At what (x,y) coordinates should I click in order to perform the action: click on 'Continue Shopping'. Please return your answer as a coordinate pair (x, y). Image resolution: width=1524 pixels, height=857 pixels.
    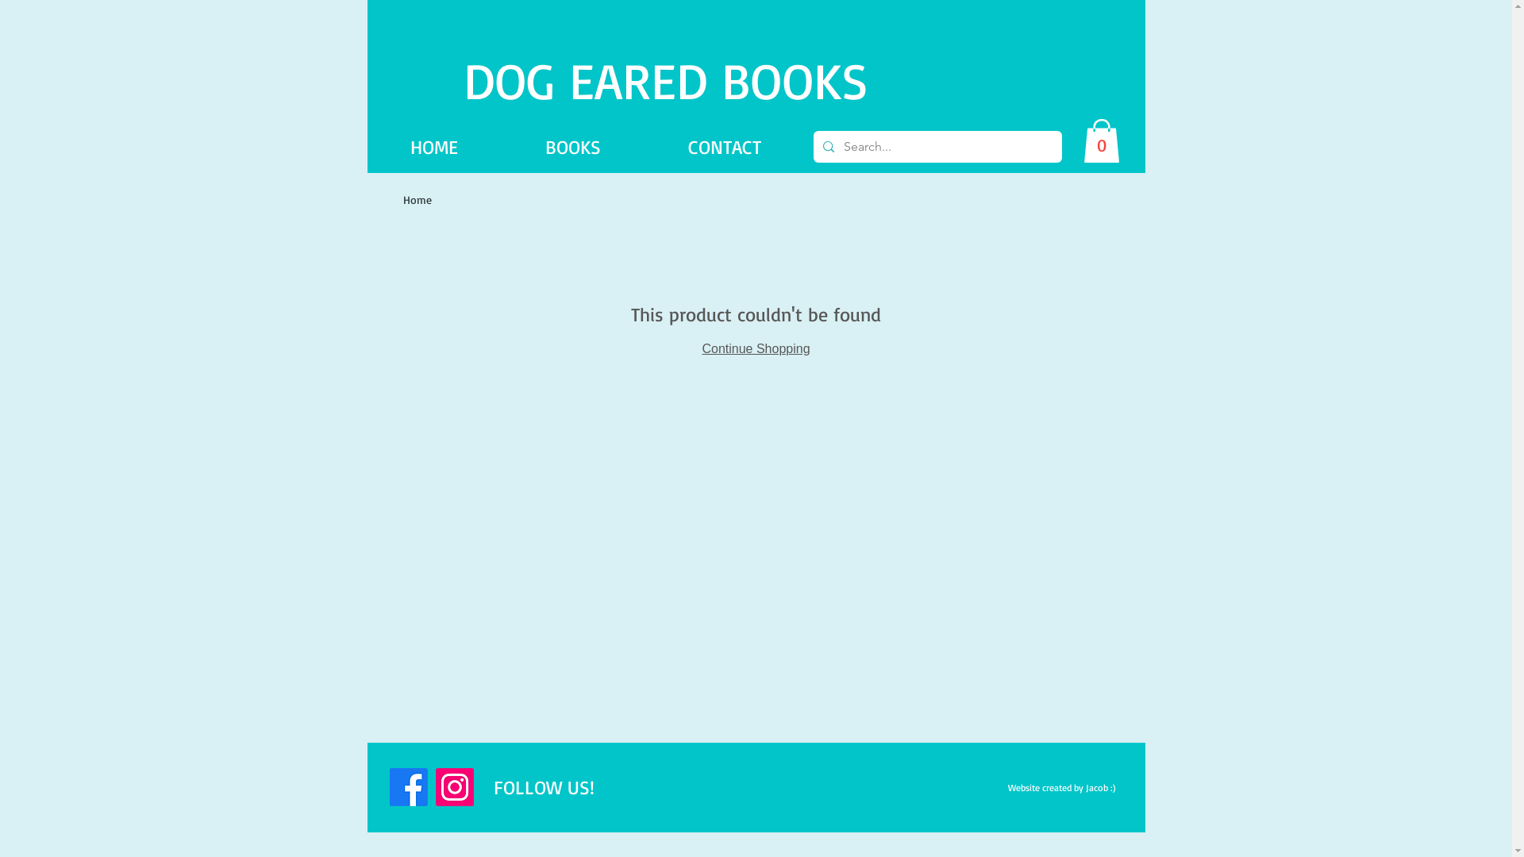
    Looking at the image, I should click on (700, 348).